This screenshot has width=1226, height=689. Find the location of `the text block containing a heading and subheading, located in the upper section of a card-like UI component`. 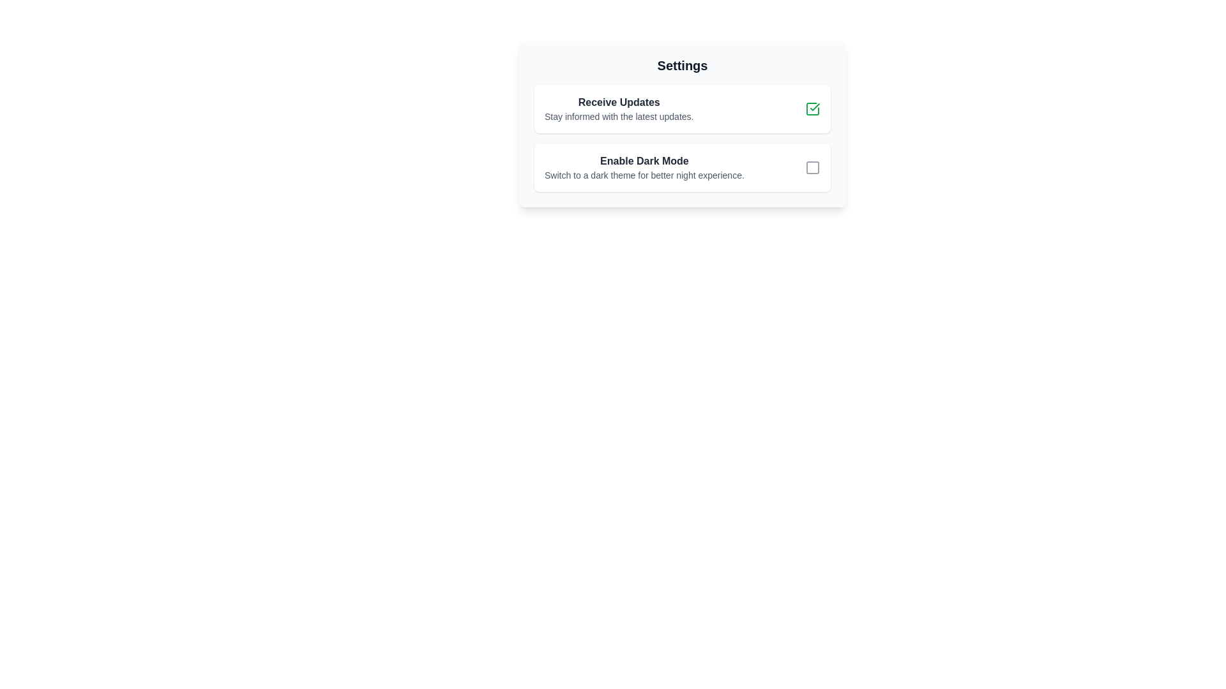

the text block containing a heading and subheading, located in the upper section of a card-like UI component is located at coordinates (619, 108).